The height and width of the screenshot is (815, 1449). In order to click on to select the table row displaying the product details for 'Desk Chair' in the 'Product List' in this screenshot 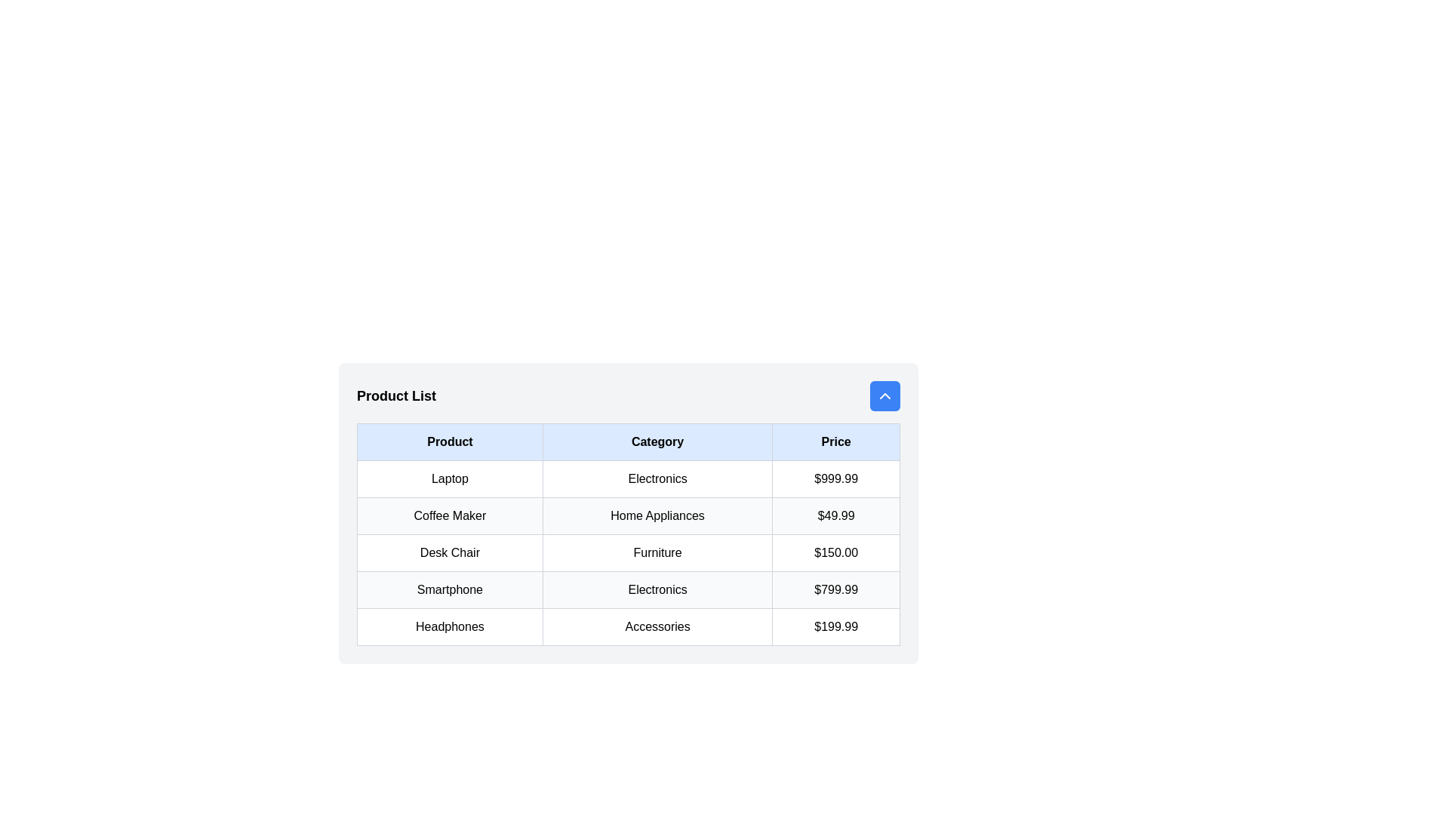, I will do `click(629, 552)`.